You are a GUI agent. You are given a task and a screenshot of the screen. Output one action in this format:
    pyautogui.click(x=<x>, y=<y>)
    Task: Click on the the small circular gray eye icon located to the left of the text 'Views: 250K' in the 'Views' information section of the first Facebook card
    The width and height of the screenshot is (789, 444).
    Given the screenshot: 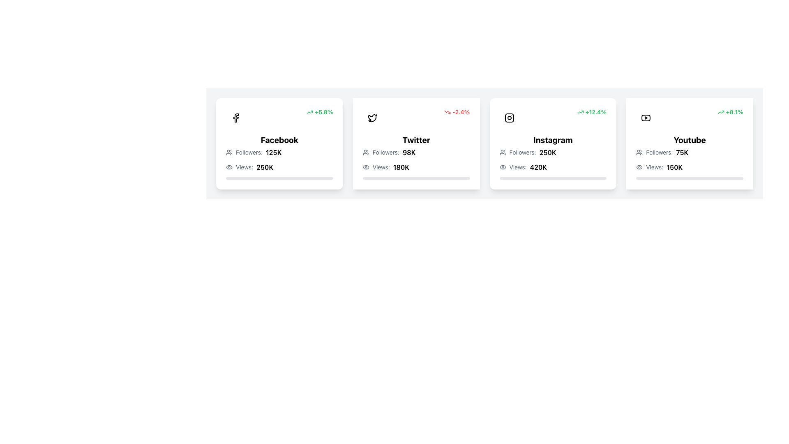 What is the action you would take?
    pyautogui.click(x=229, y=167)
    